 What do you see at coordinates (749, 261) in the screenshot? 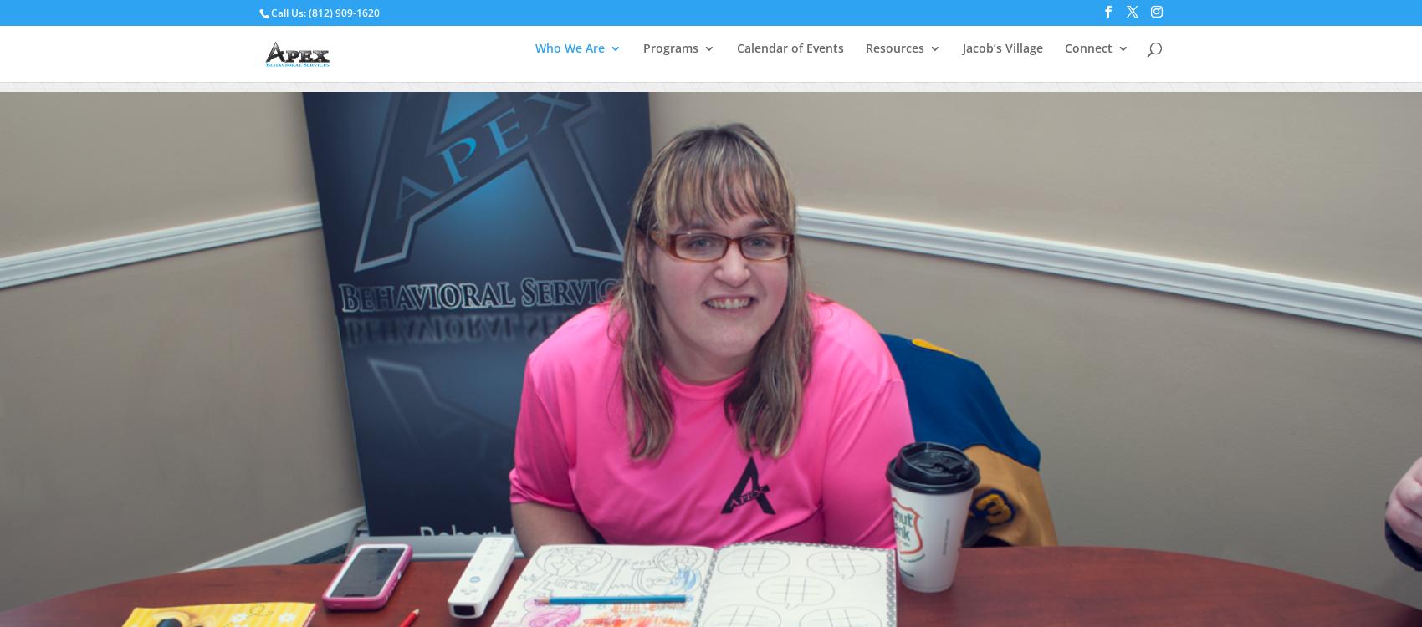
I see `'Residential Services'` at bounding box center [749, 261].